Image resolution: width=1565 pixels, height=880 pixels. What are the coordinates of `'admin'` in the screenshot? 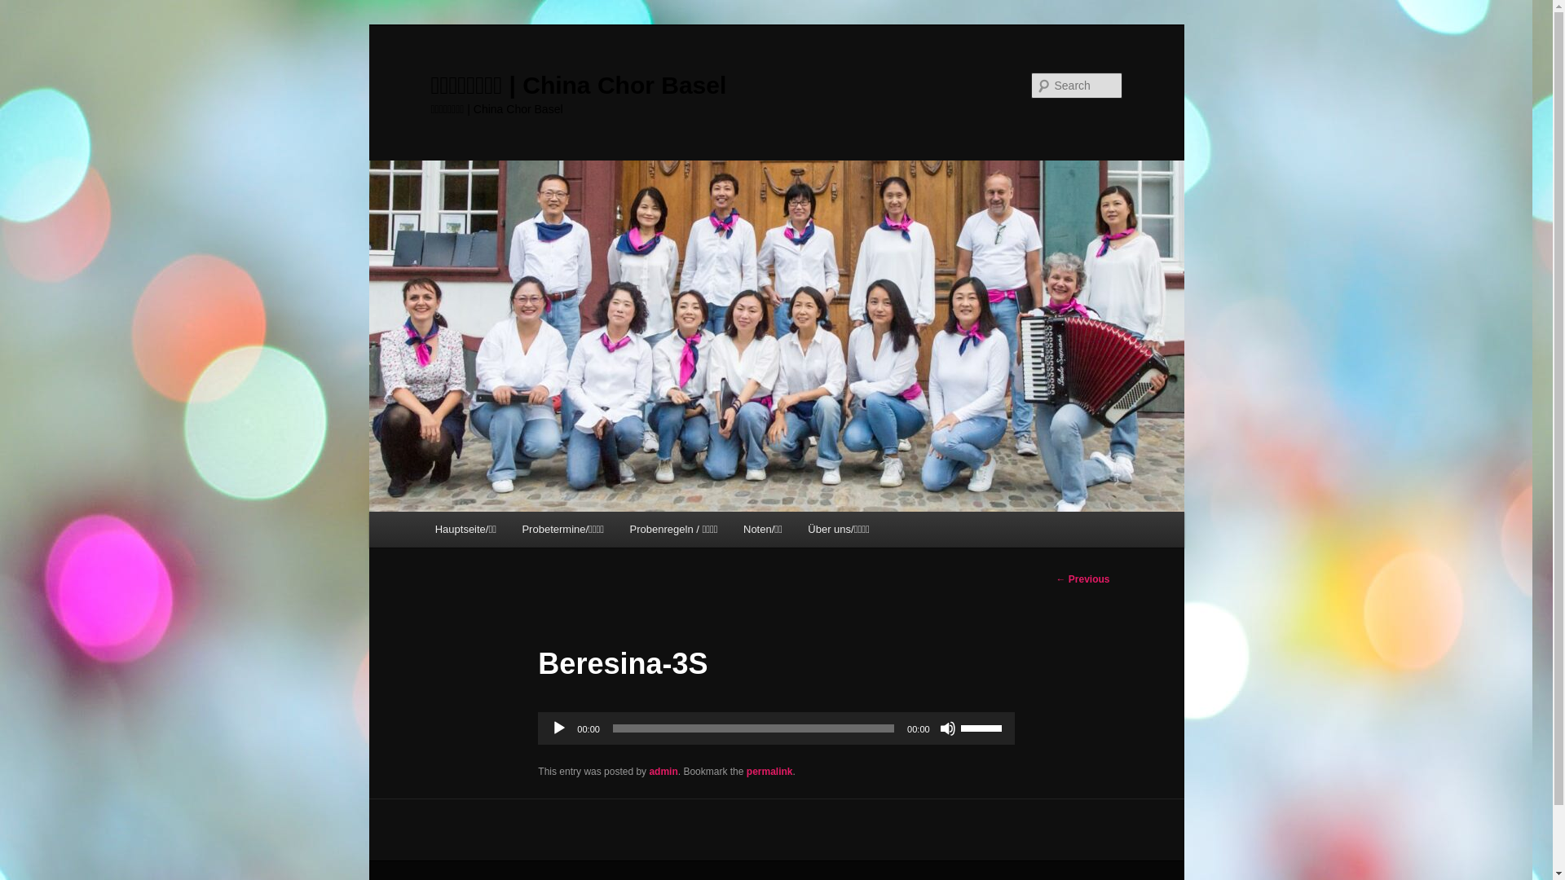 It's located at (663, 771).